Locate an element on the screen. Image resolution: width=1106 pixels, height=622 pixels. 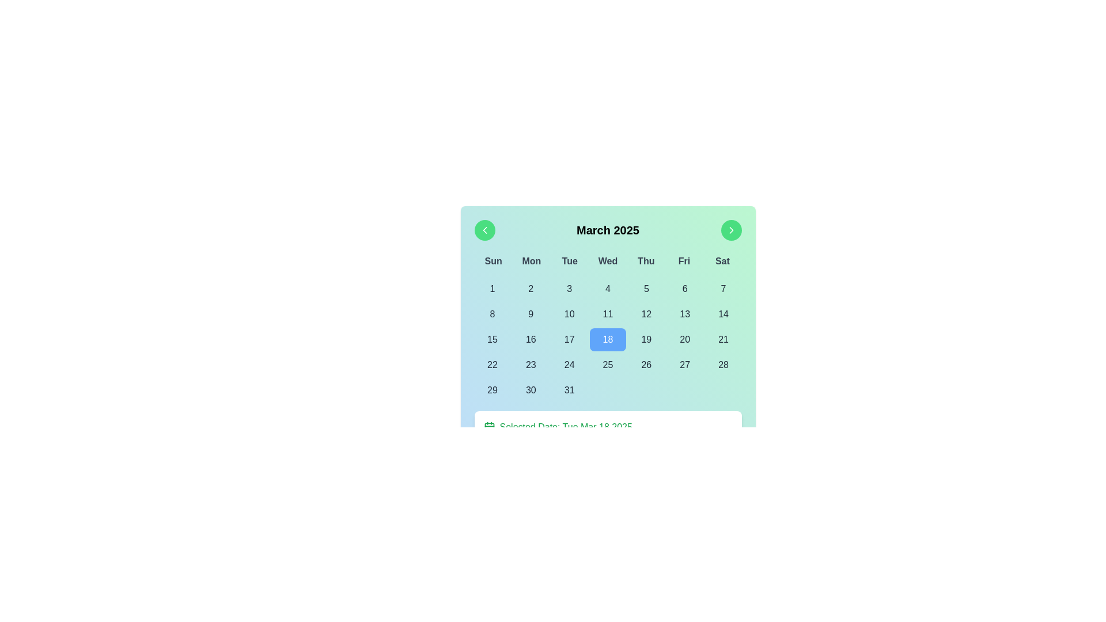
the calendar button representing Thursday is located at coordinates (646, 288).